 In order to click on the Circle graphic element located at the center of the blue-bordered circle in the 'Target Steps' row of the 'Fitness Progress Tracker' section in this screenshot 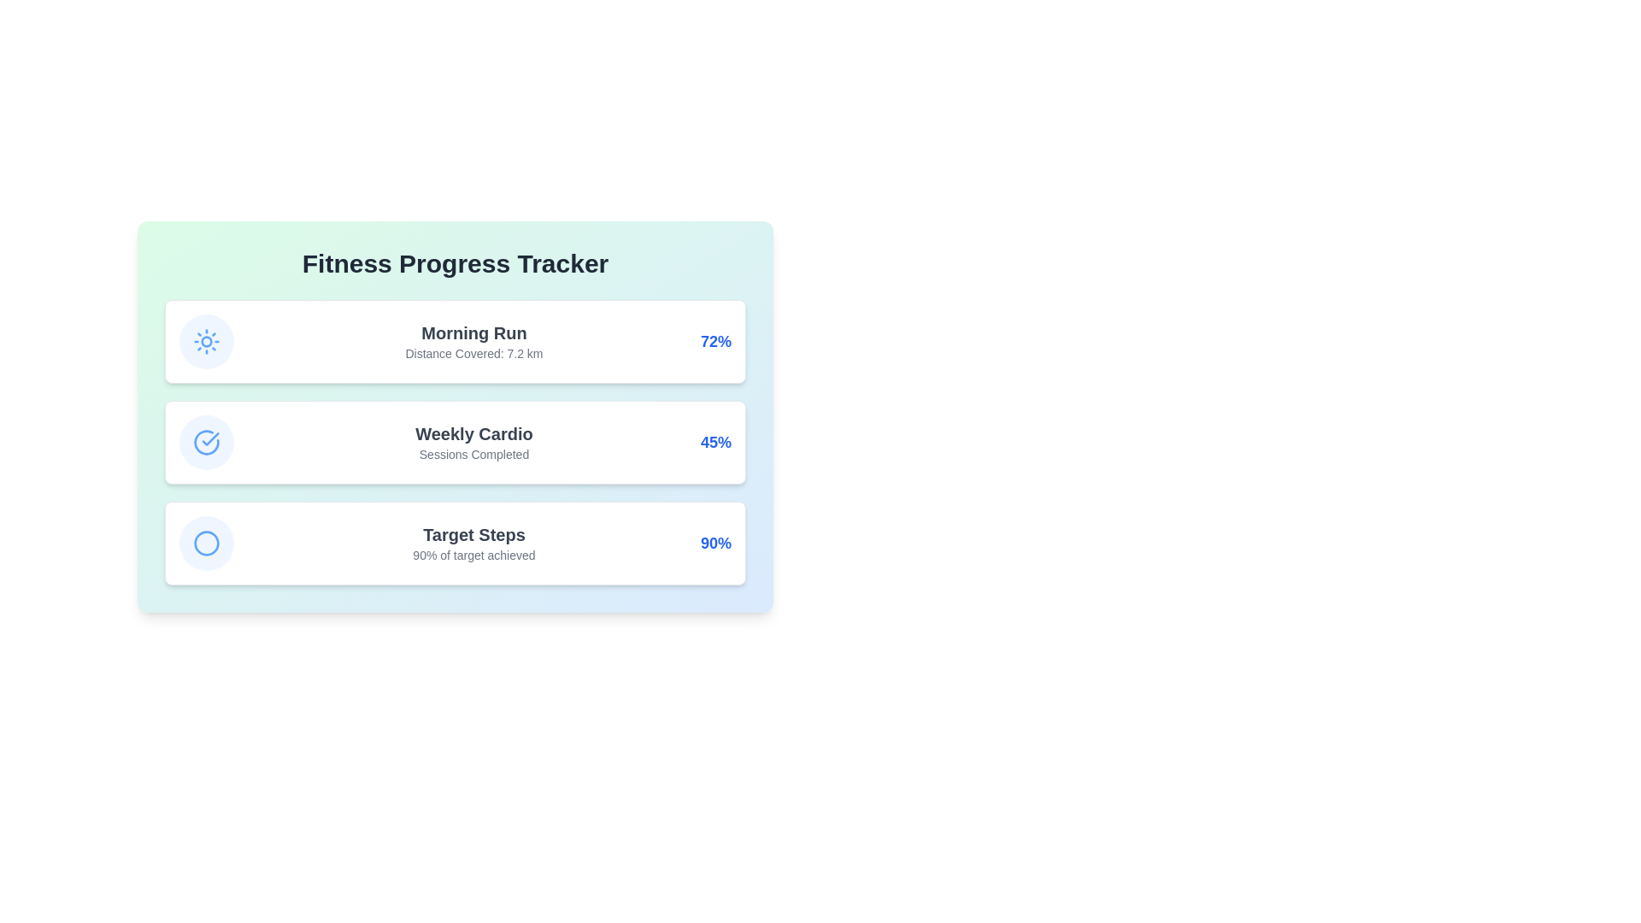, I will do `click(205, 544)`.